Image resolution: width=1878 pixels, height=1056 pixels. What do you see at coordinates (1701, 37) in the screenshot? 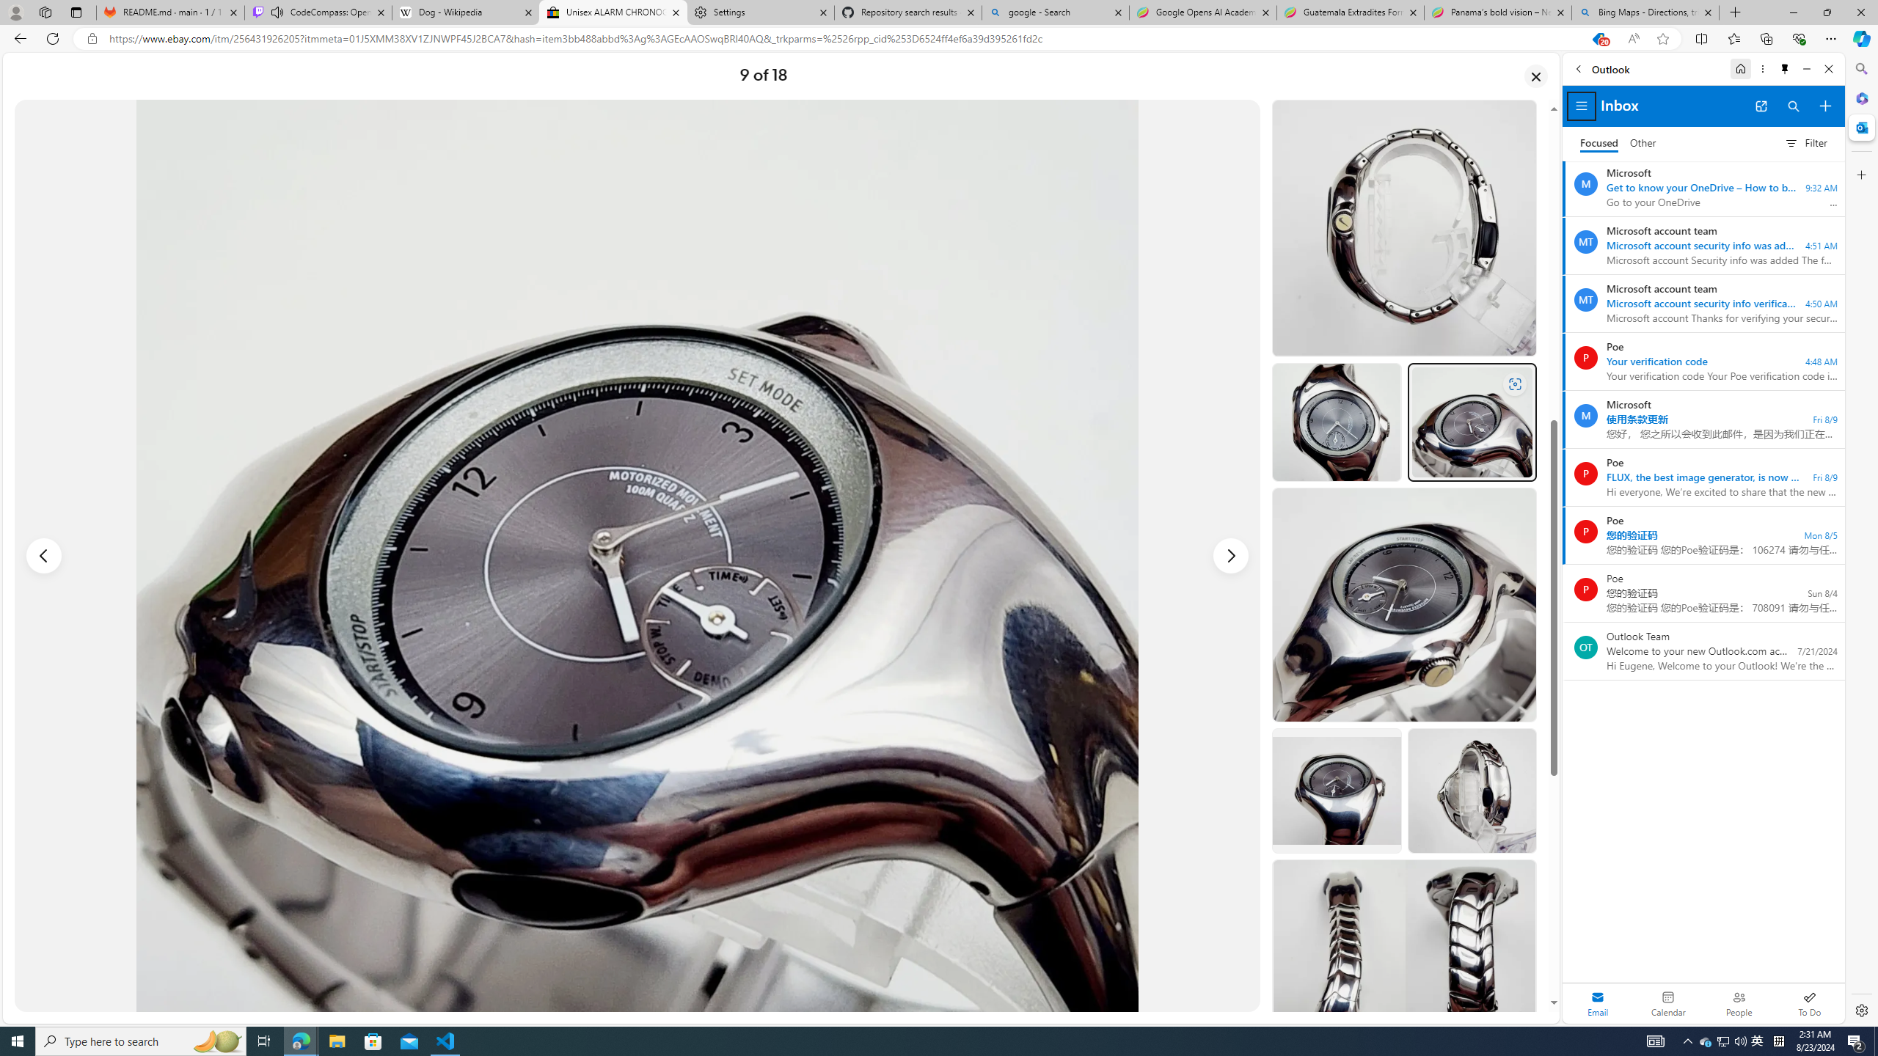
I see `'Split screen'` at bounding box center [1701, 37].